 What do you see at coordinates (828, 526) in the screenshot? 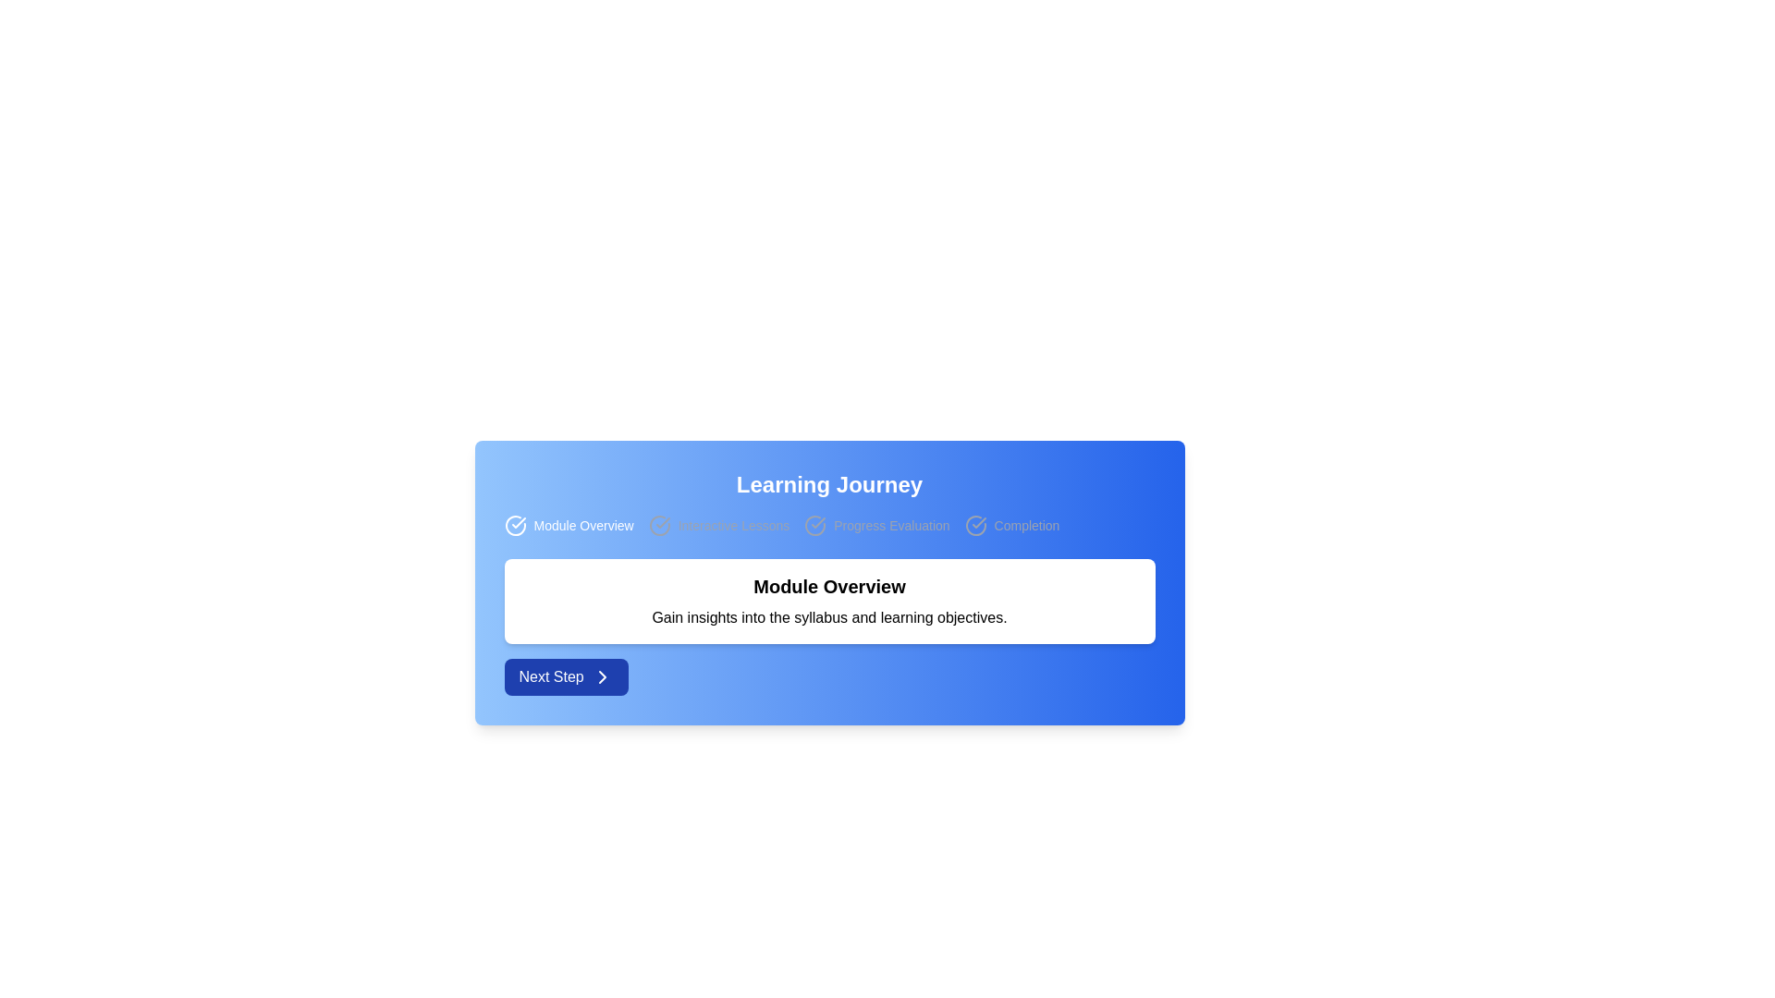
I see `the icons or text in the Progress Bar located beneath the 'Learning Journey' heading` at bounding box center [828, 526].